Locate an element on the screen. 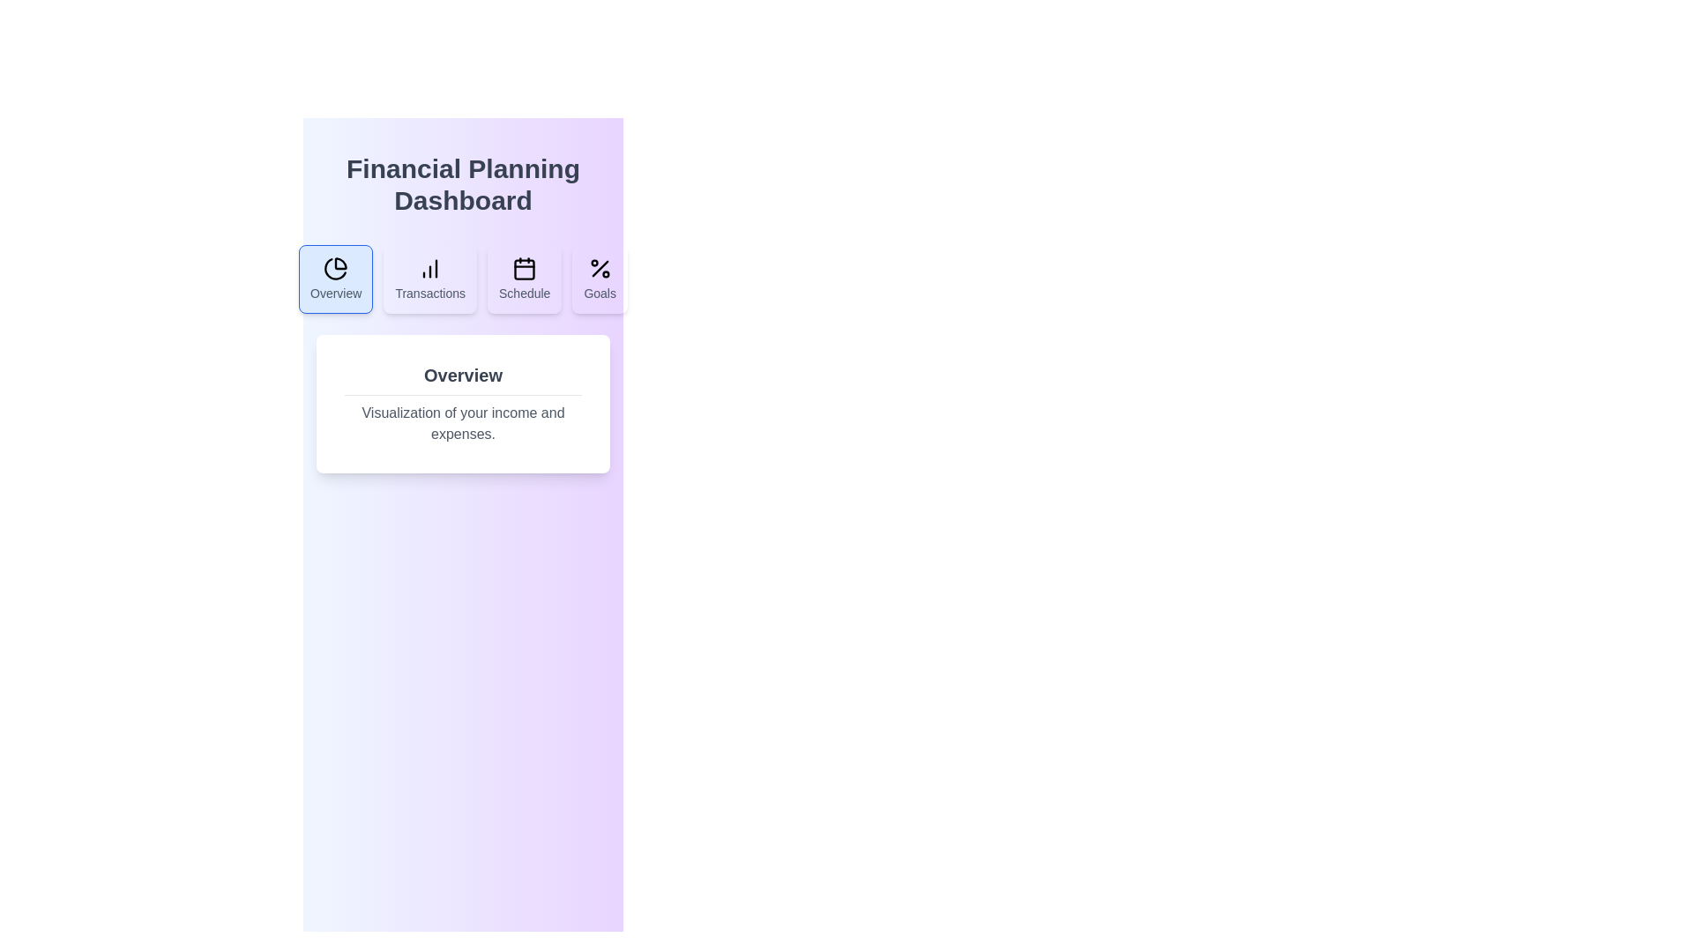  'Overview' text label located beneath the pie chart icon within the first card of a horizontally aligned group of cards is located at coordinates (336, 292).